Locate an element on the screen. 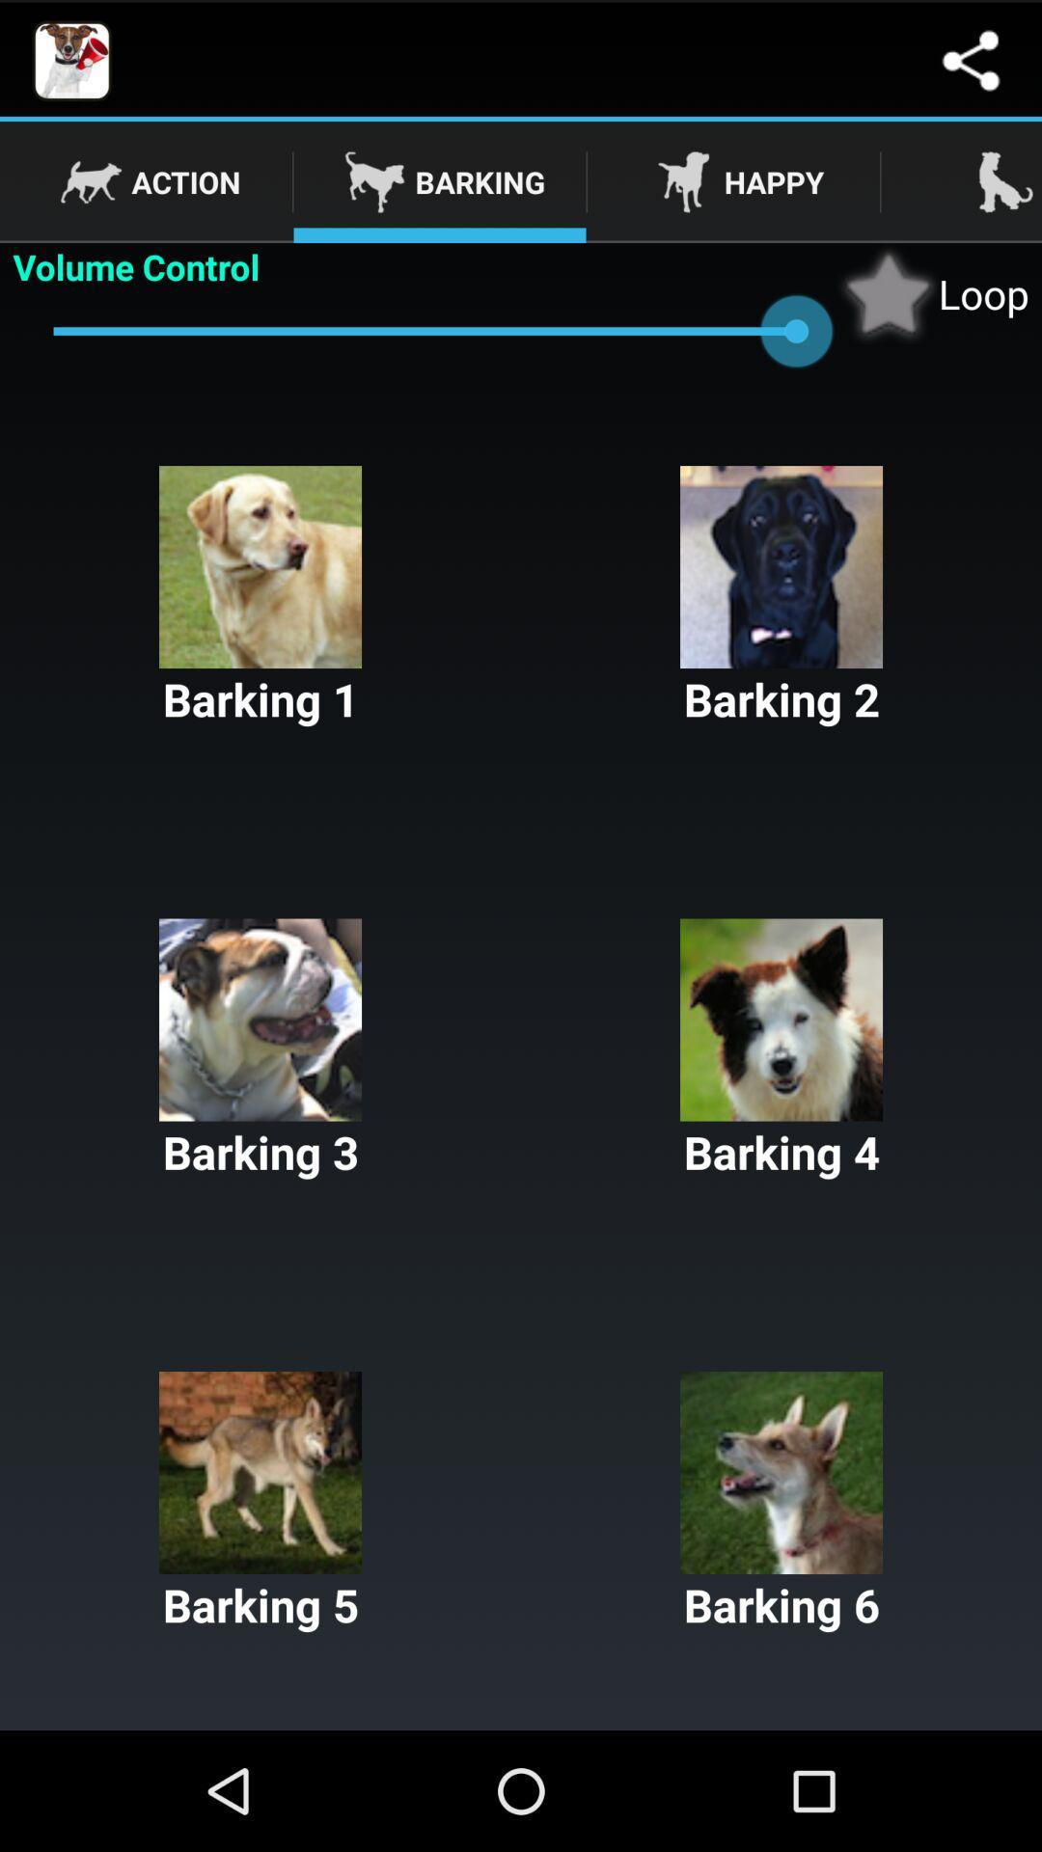  the icon to the right of barking 1 button is located at coordinates (781, 596).